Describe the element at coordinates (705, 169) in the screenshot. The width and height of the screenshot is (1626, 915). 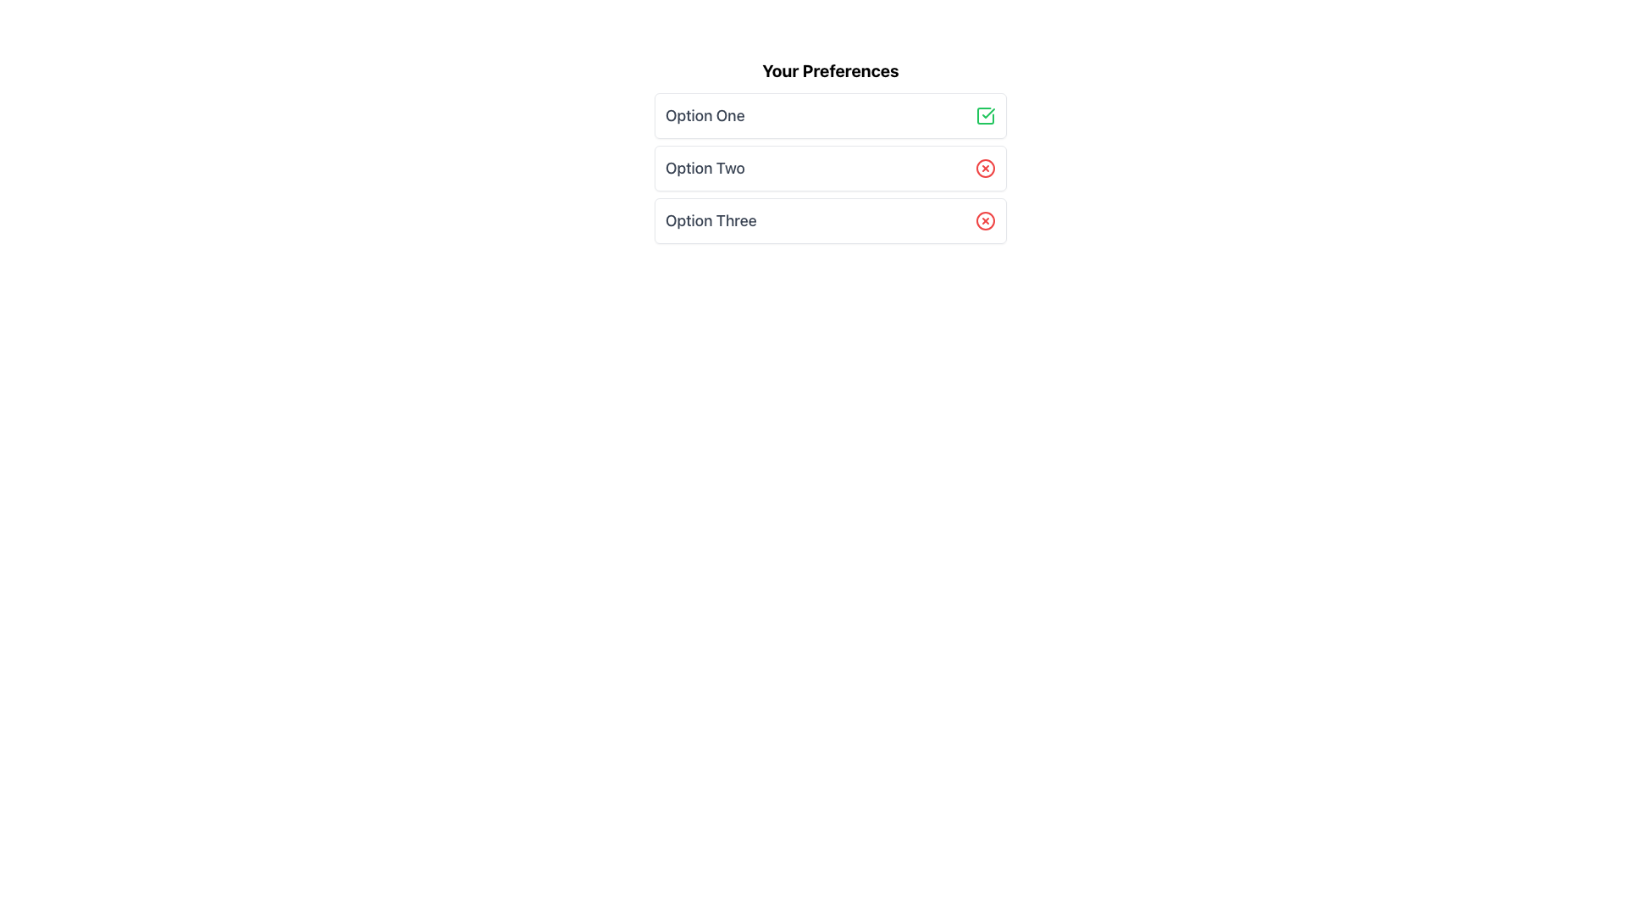
I see `the text label displaying 'Option Two' which is part of the second option group under 'Your Preferences', located centrally with a red circular cross icon to its right` at that location.